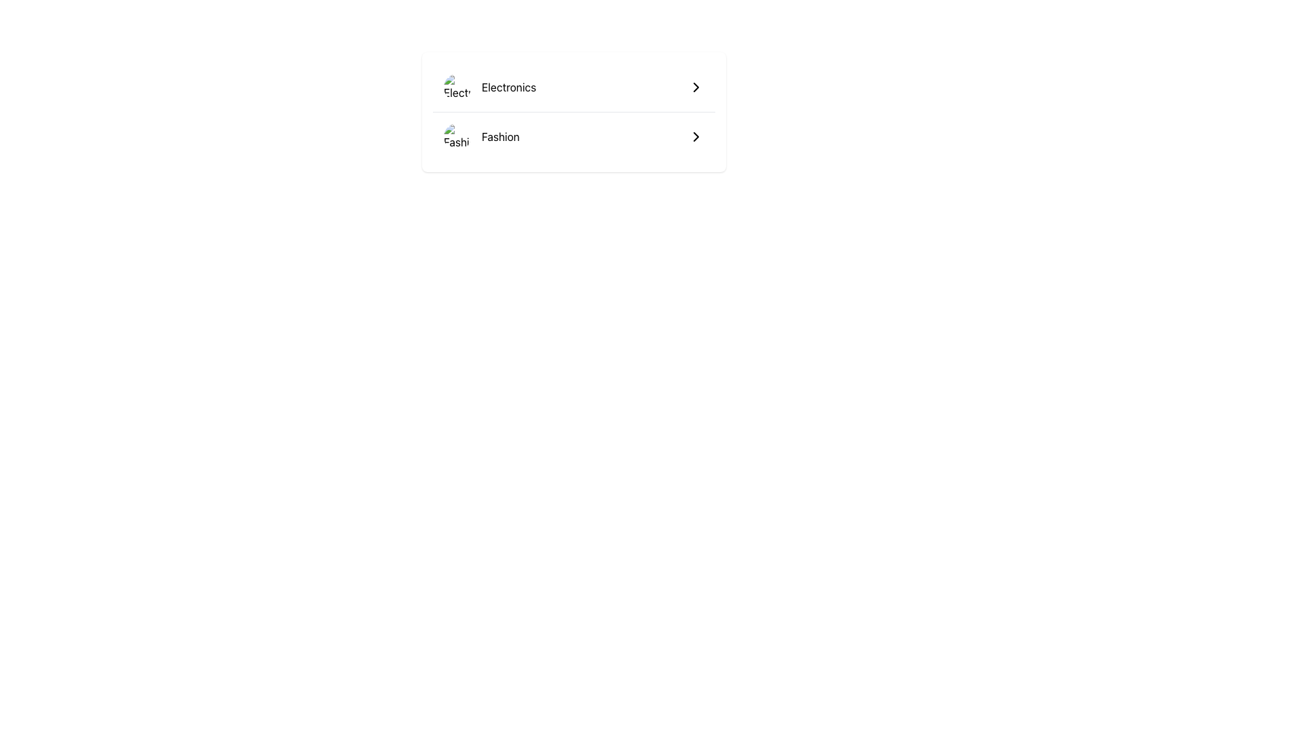 The height and width of the screenshot is (732, 1303). What do you see at coordinates (573, 87) in the screenshot?
I see `the first menu item in the vertical list` at bounding box center [573, 87].